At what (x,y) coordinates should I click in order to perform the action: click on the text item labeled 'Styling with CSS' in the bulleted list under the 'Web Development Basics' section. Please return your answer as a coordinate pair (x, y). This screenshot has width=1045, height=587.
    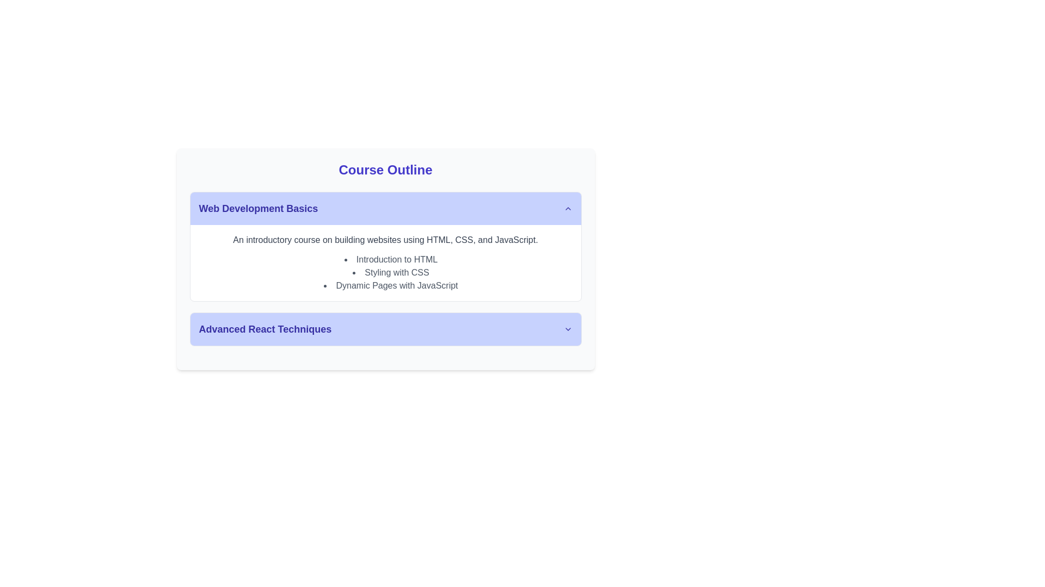
    Looking at the image, I should click on (391, 272).